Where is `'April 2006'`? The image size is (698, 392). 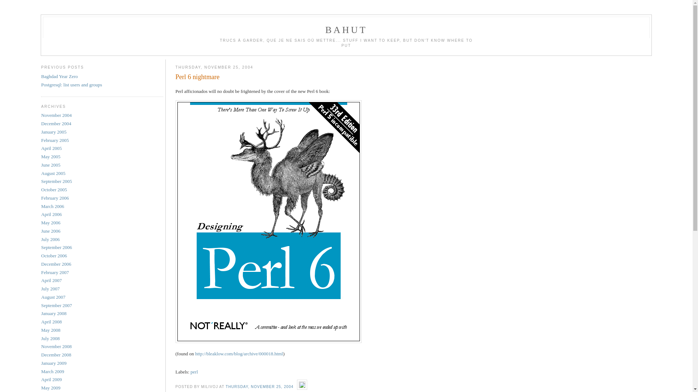 'April 2006' is located at coordinates (51, 214).